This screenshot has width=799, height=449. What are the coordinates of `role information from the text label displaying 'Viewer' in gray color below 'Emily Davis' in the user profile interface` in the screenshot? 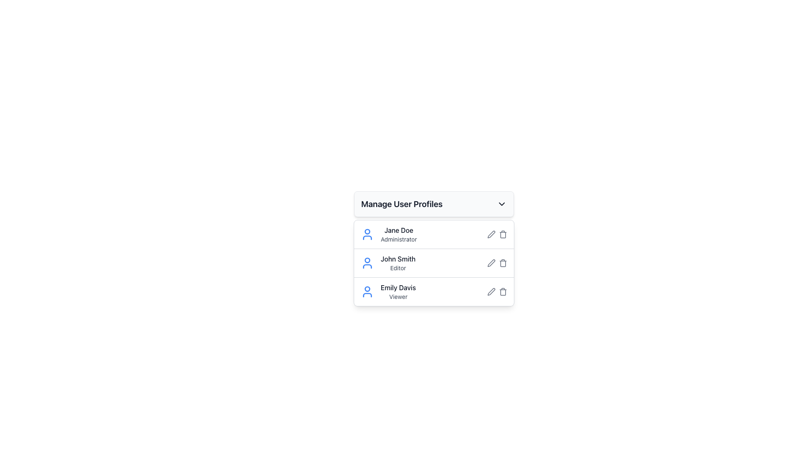 It's located at (398, 296).